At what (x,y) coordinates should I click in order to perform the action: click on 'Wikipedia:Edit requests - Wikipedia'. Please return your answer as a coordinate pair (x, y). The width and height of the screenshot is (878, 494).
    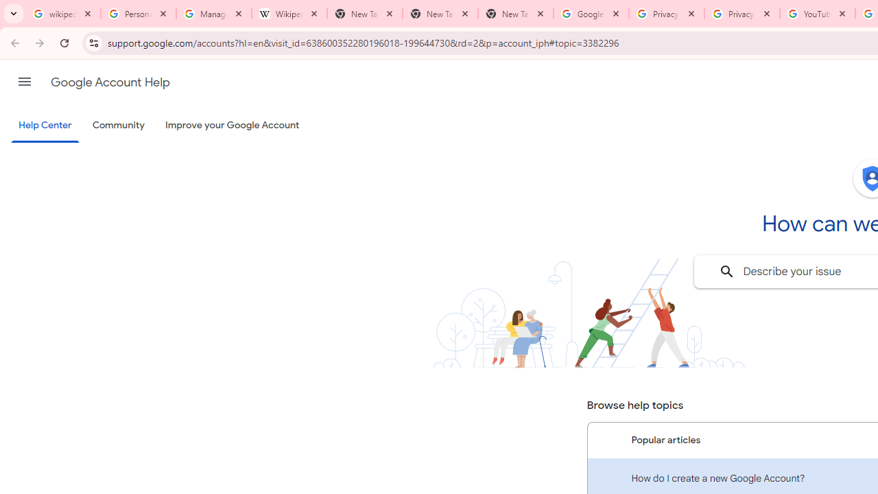
    Looking at the image, I should click on (289, 14).